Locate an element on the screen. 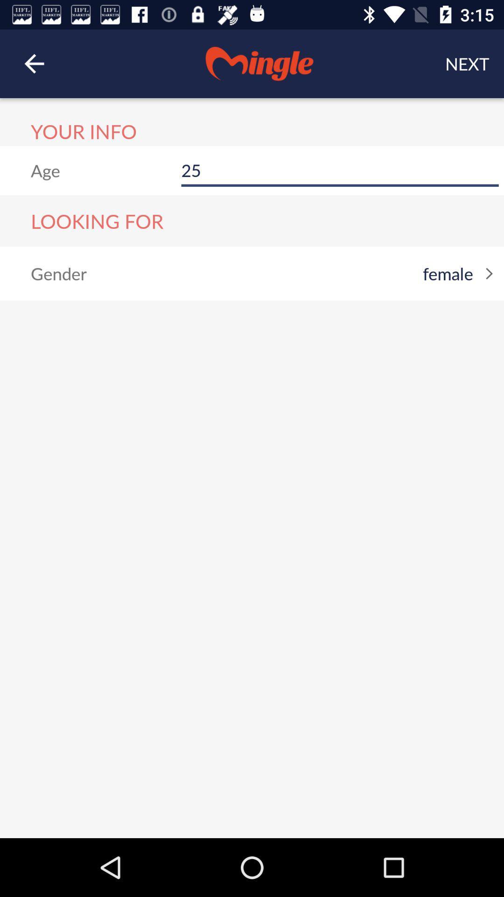 Image resolution: width=504 pixels, height=897 pixels. item below the next is located at coordinates (340, 171).